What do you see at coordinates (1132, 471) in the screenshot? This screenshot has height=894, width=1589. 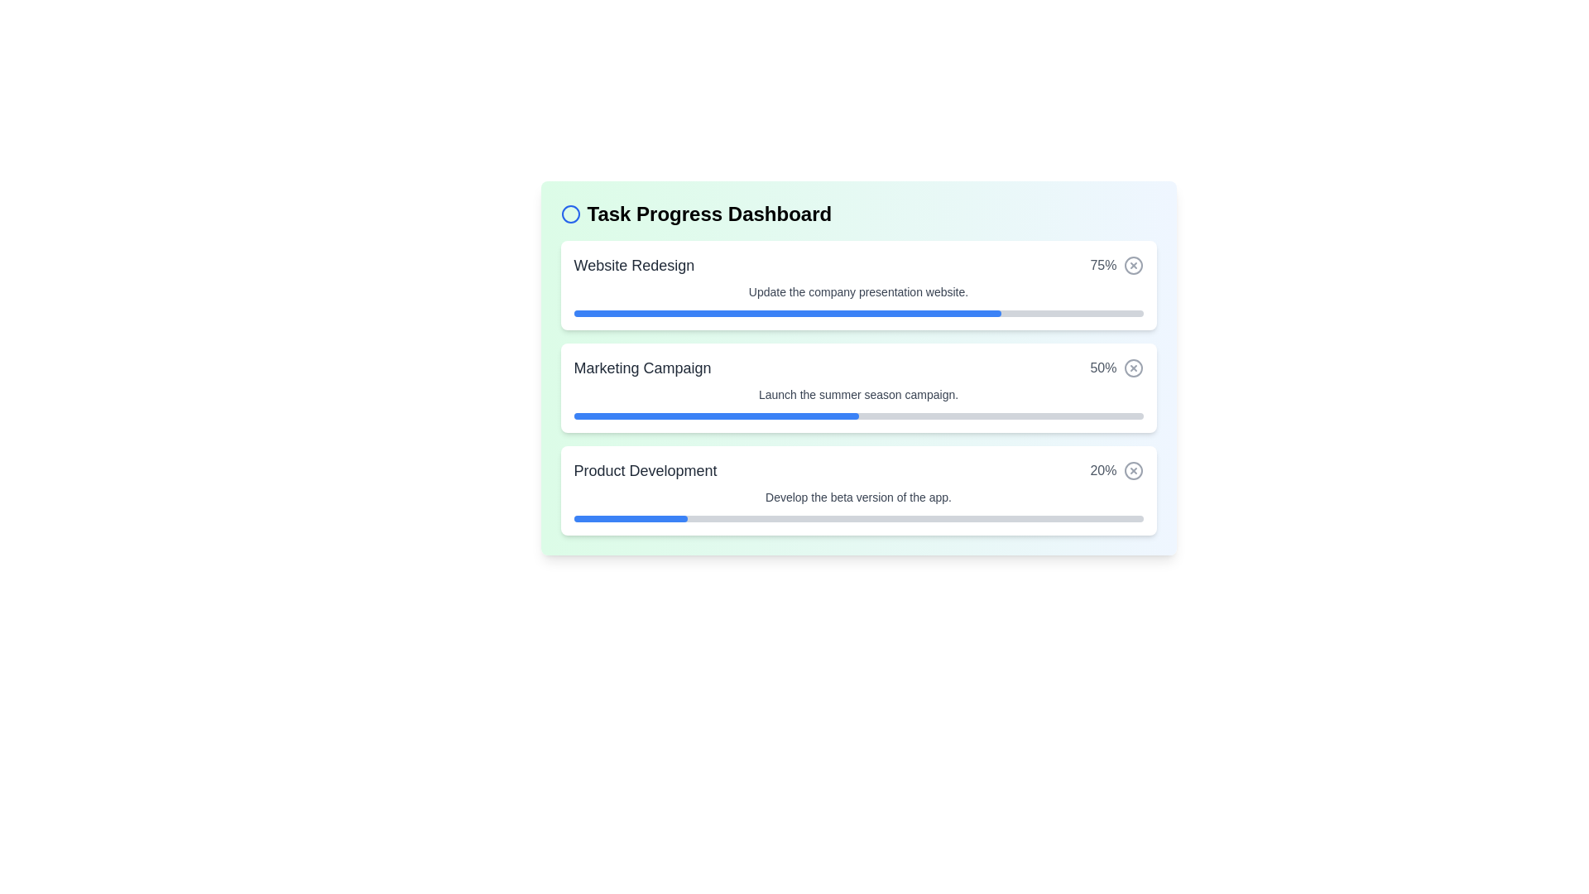 I see `the circular gray icon button with a '×' mark inside, located in the 'Product Development' progress section` at bounding box center [1132, 471].